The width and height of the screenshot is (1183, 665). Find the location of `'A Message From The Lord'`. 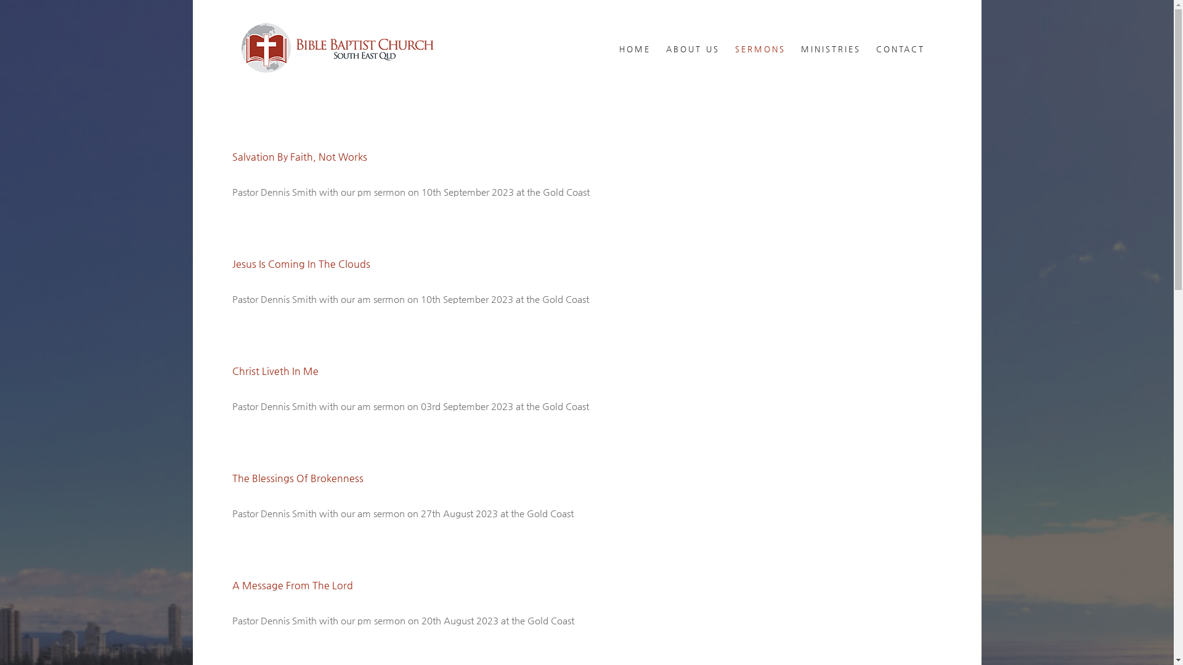

'A Message From The Lord' is located at coordinates (291, 584).